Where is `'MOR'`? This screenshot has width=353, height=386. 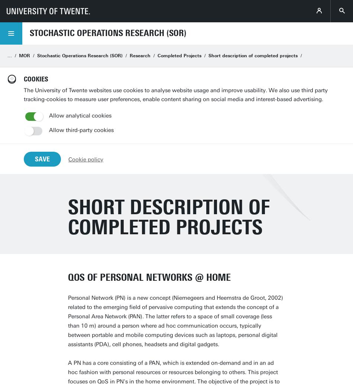 'MOR' is located at coordinates (25, 55).